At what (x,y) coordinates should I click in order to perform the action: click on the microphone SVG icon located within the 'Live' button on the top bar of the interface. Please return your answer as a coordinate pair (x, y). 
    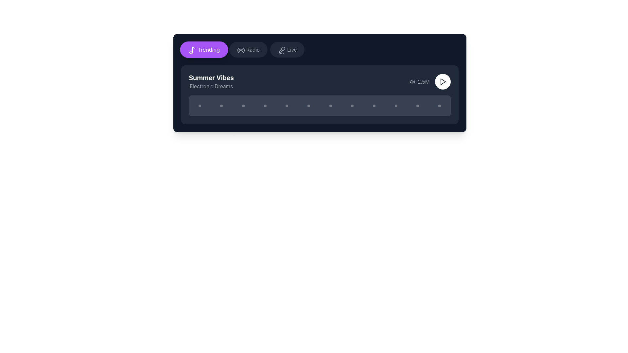
    Looking at the image, I should click on (282, 50).